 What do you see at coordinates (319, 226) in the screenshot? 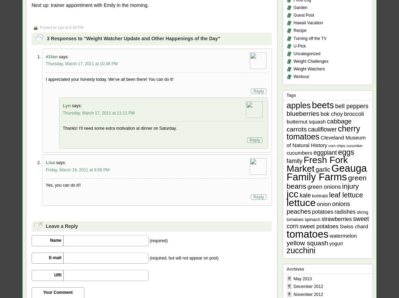
I see `'sweet potatoes'` at bounding box center [319, 226].